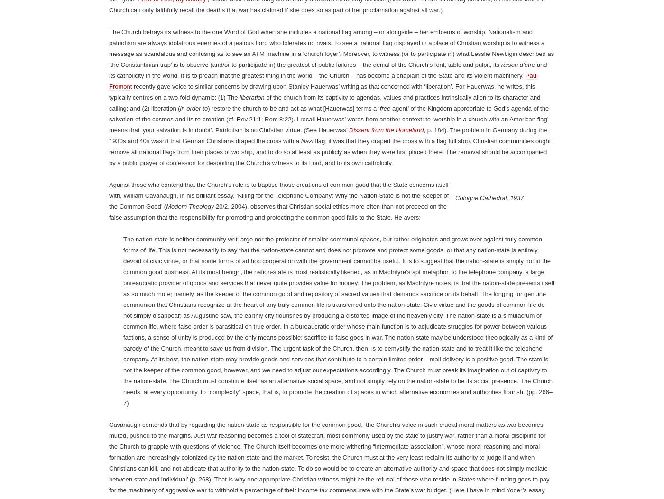 Image resolution: width=664 pixels, height=499 pixels. What do you see at coordinates (203, 25) in the screenshot?
I see `';'` at bounding box center [203, 25].